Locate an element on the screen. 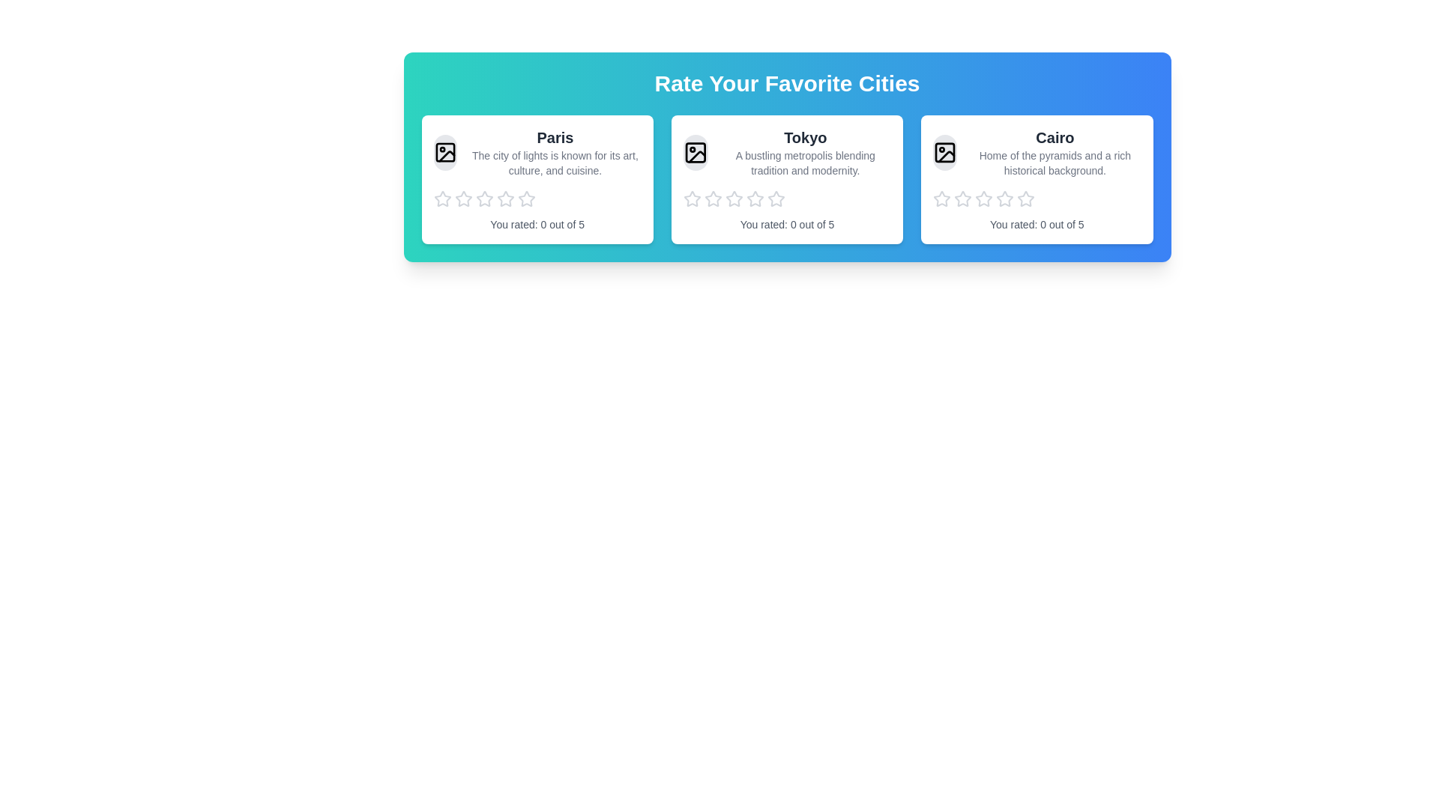  across the five star icons in the Rating widget for the location 'Paris' is located at coordinates (537, 199).